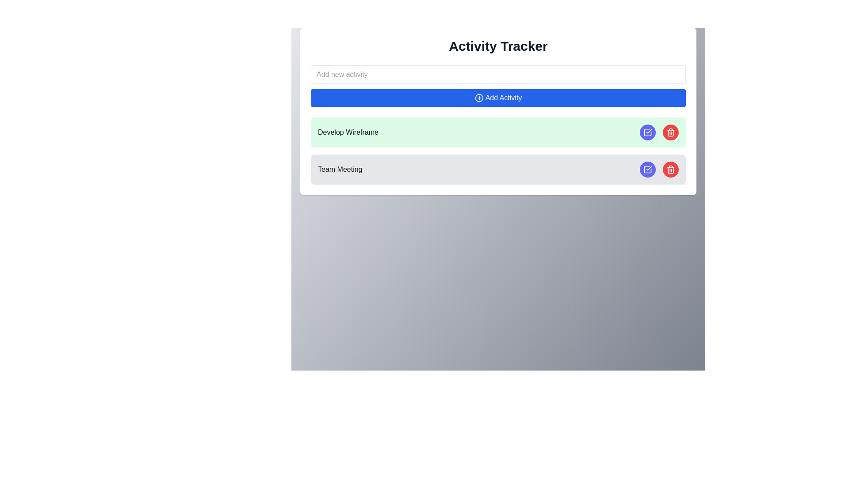  I want to click on the delete button, which is the second button in the horizontal row of action buttons to the right of the 'Develop Wireframe' activity row, so click(670, 132).